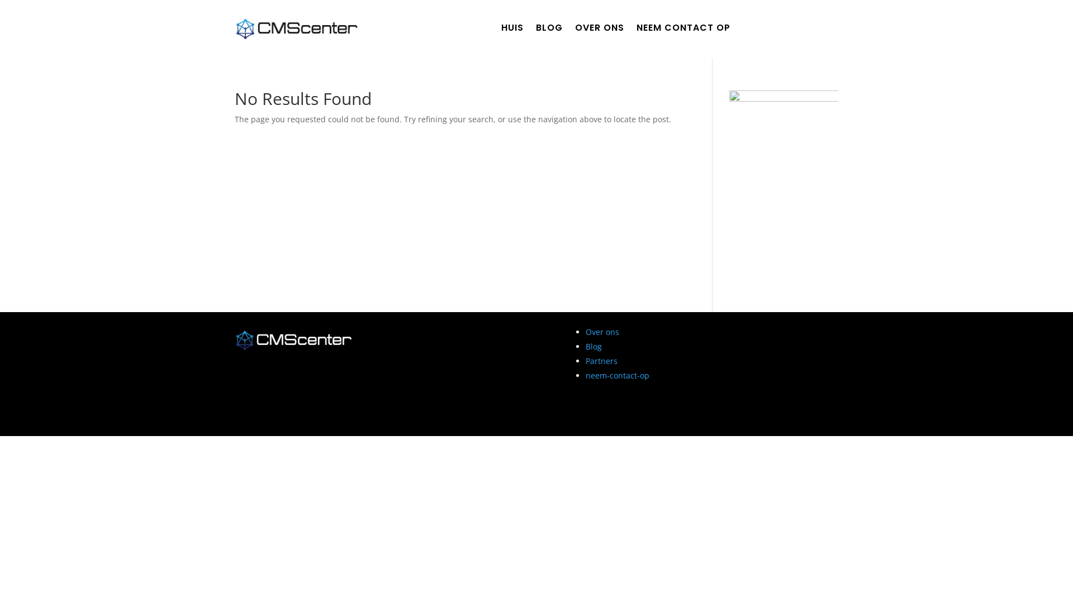 The image size is (1073, 603). Describe the element at coordinates (511, 30) in the screenshot. I see `'HUIS'` at that location.